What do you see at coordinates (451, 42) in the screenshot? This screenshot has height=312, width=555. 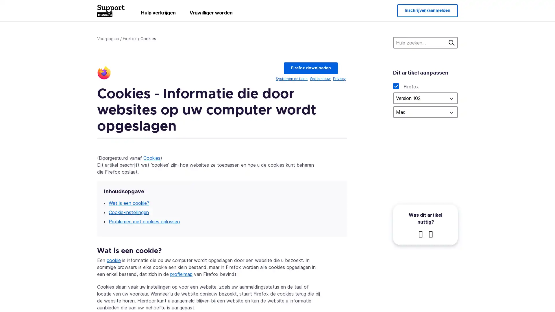 I see `Zoeken` at bounding box center [451, 42].